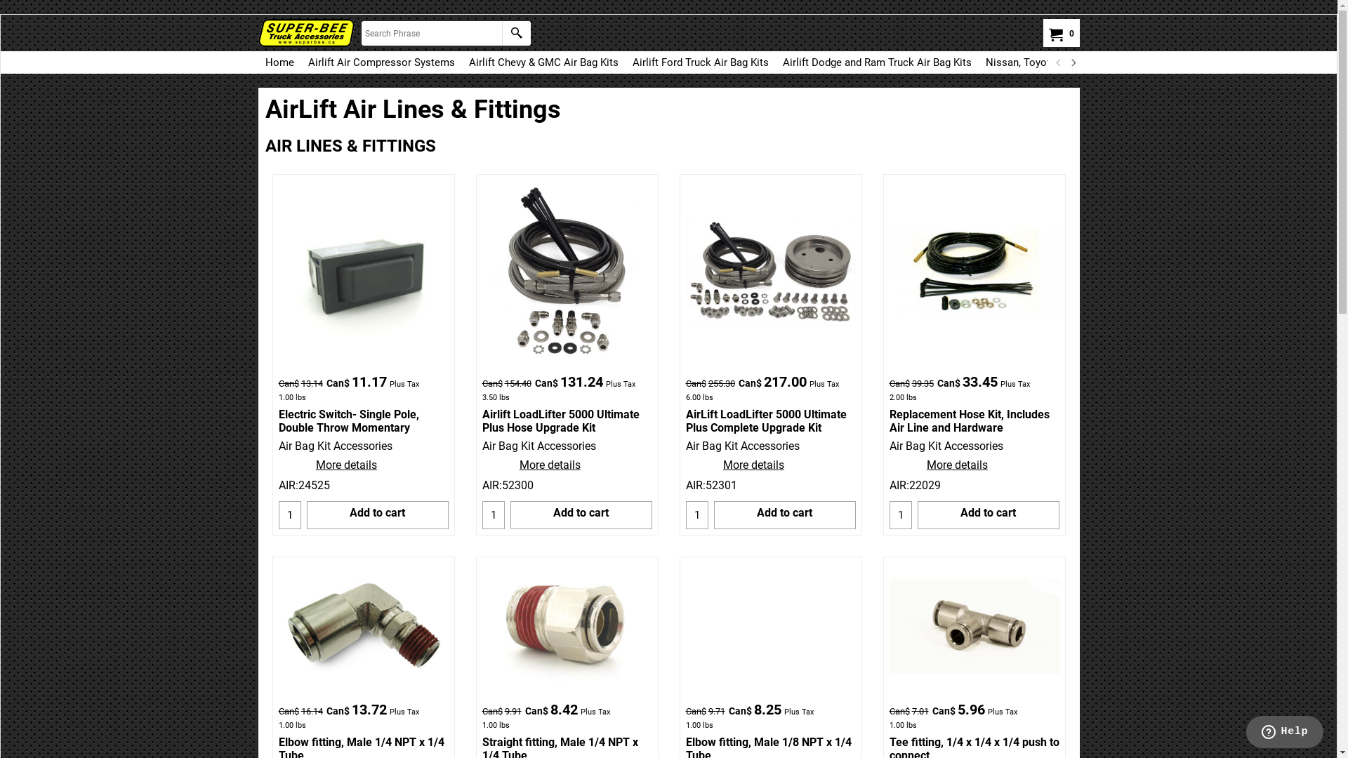 The image size is (1348, 758). I want to click on 'Airlift Air Compressor Systems', so click(381, 61).